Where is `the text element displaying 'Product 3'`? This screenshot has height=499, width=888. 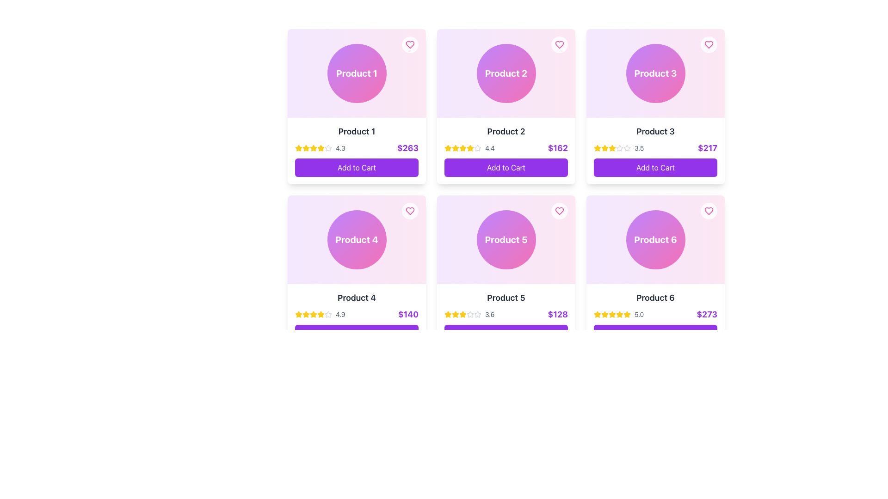
the text element displaying 'Product 3' is located at coordinates (655, 132).